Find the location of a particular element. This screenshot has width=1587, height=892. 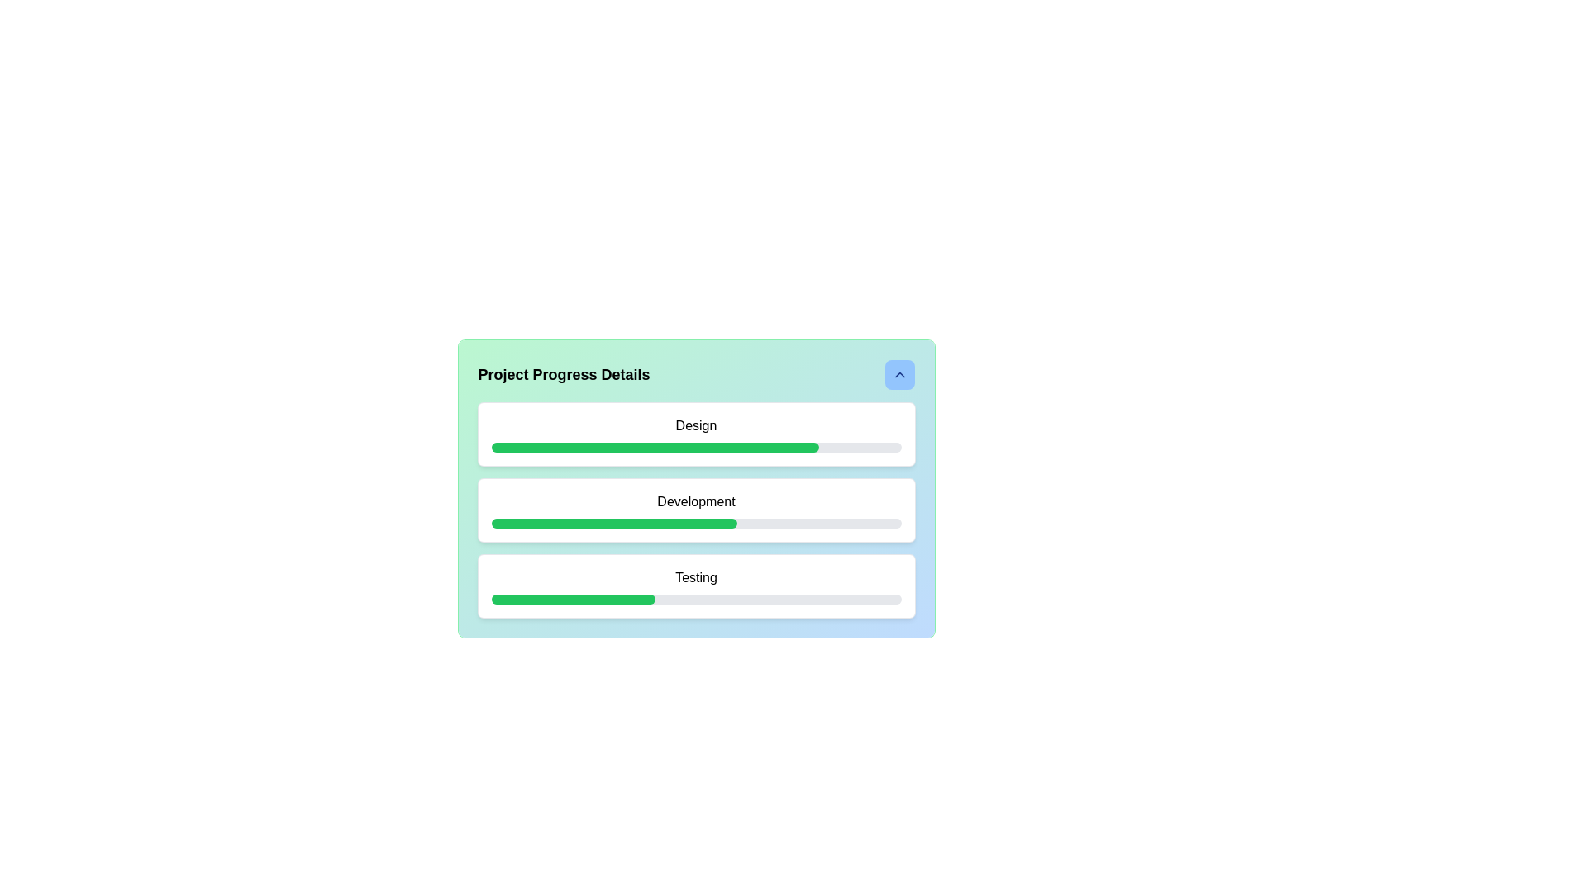

the Progress bar card labeled 'Testing' at the bottom of the stack of three sections is located at coordinates (696, 585).